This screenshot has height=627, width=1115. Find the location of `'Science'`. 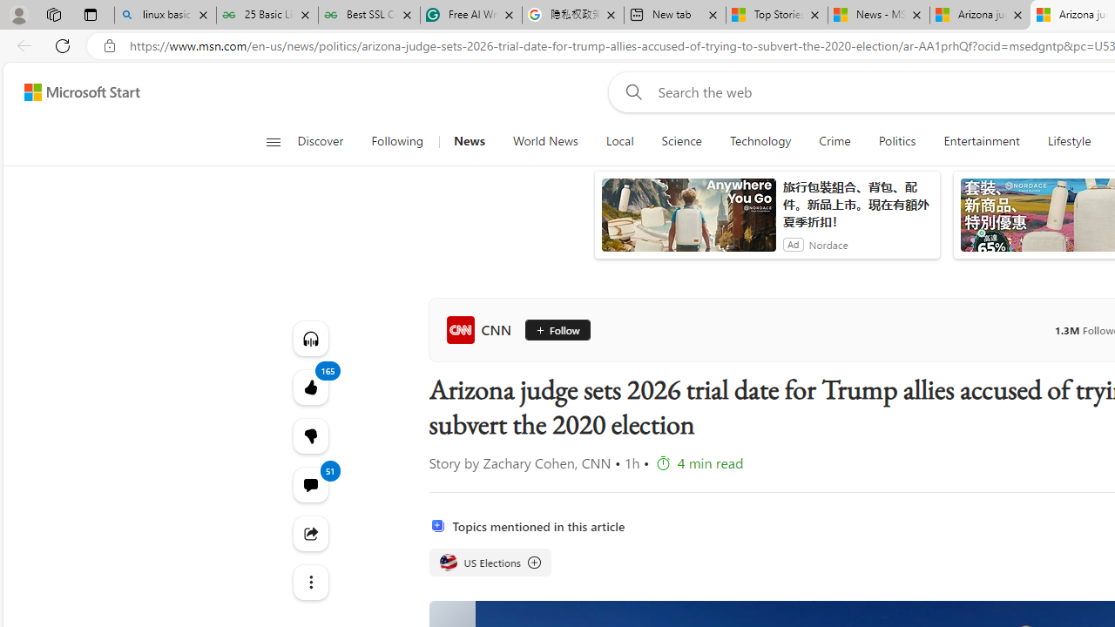

'Science' is located at coordinates (680, 141).